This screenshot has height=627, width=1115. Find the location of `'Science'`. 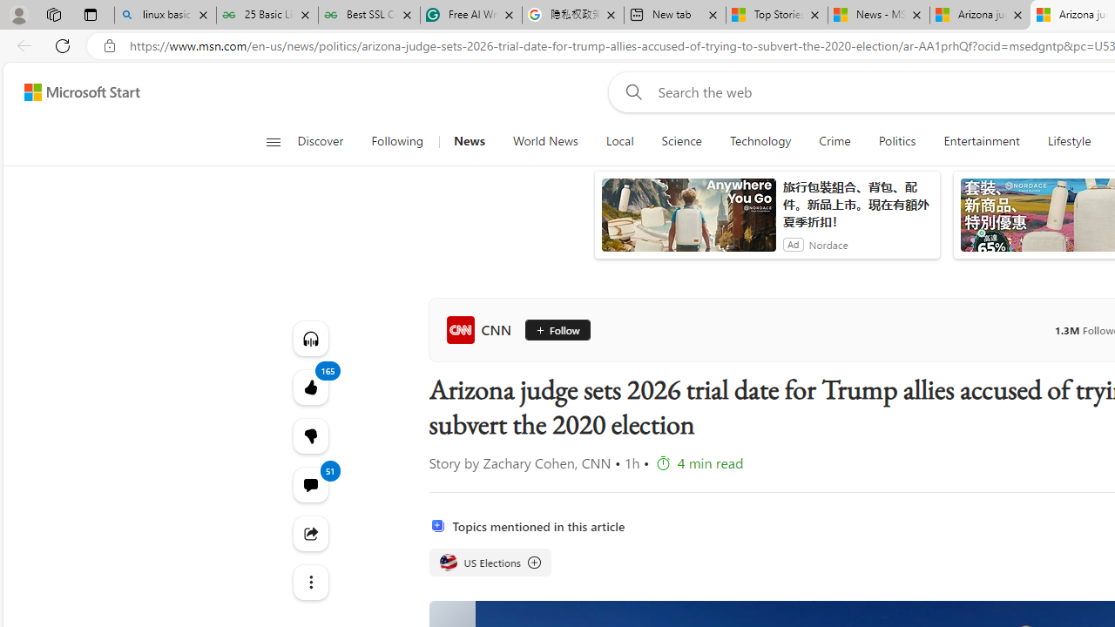

'Science' is located at coordinates (680, 141).